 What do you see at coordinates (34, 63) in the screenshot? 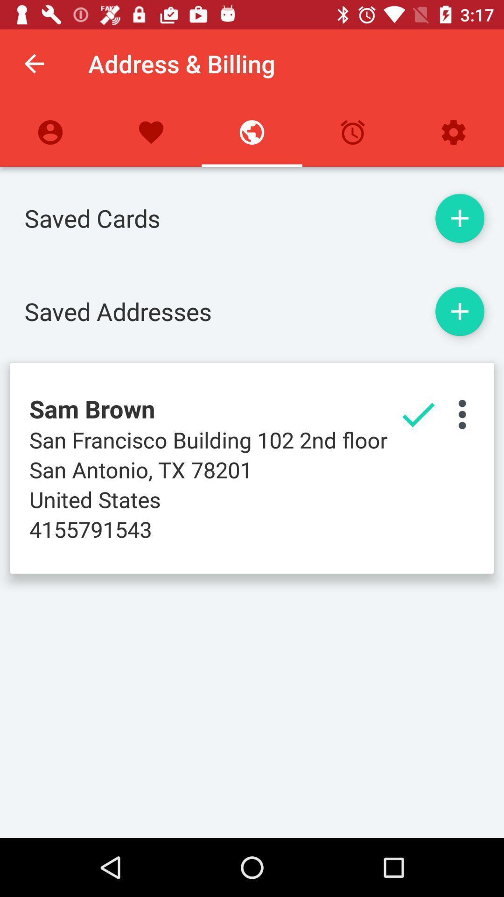
I see `icon to the left of address & billing item` at bounding box center [34, 63].